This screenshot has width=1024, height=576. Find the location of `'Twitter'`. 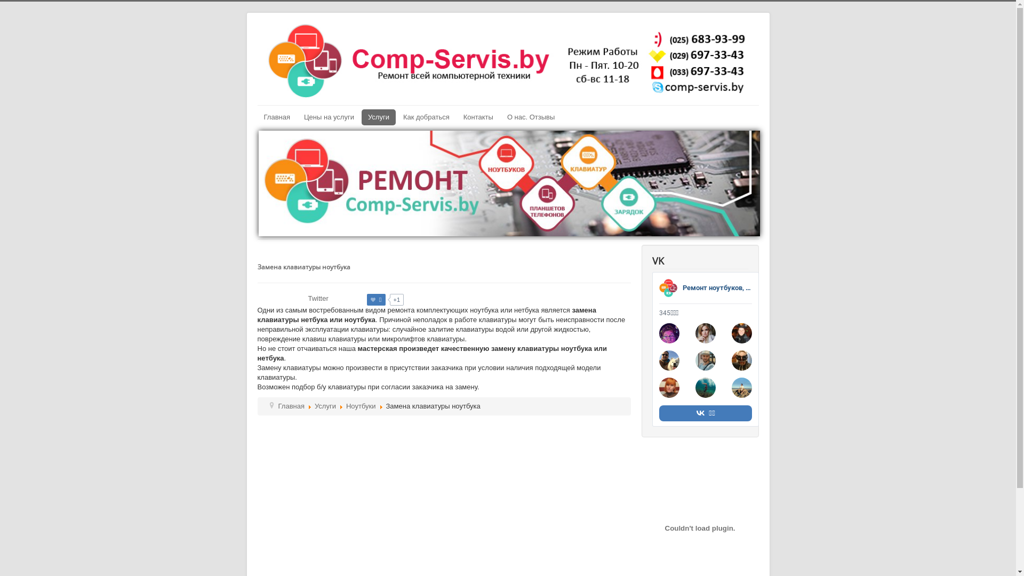

'Twitter' is located at coordinates (317, 298).